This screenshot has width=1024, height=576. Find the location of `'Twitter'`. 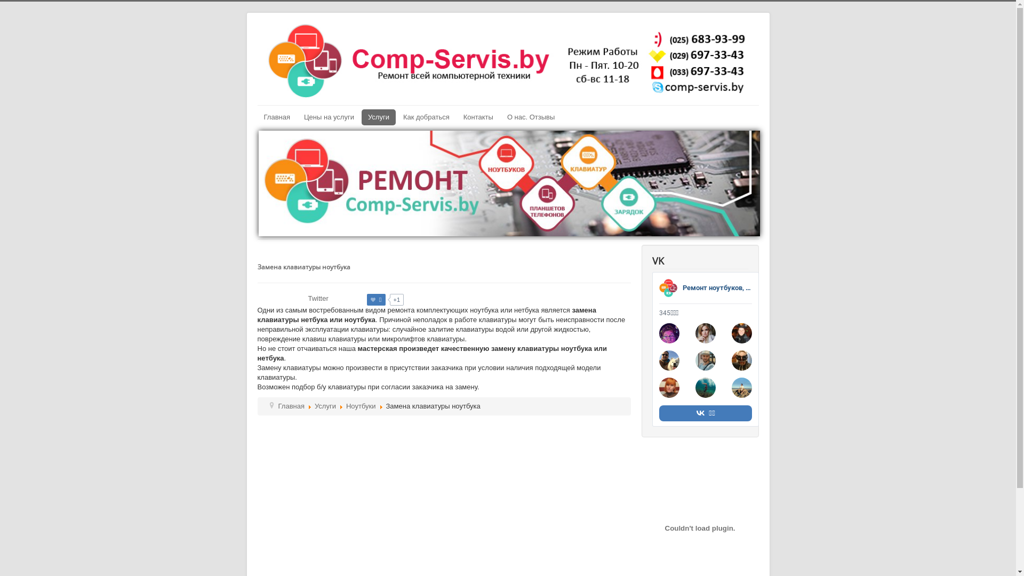

'Twitter' is located at coordinates (317, 298).